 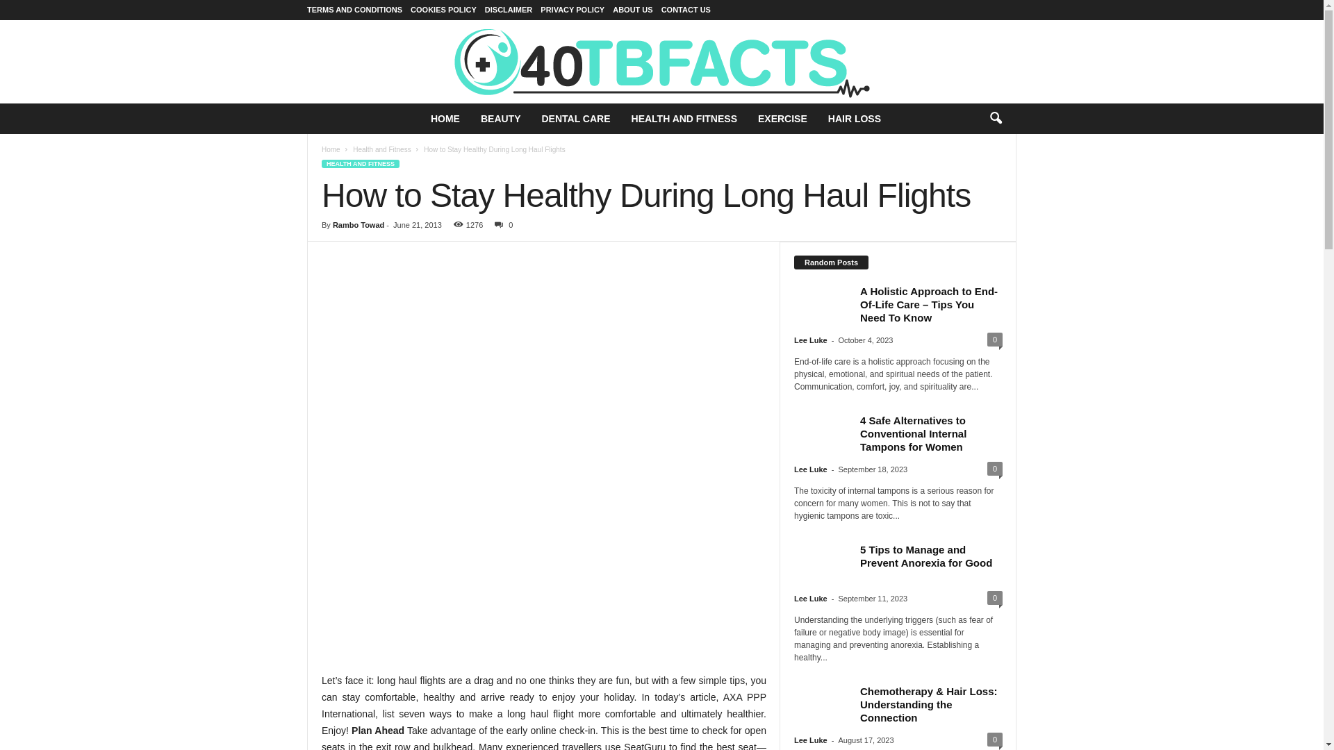 What do you see at coordinates (853, 117) in the screenshot?
I see `'HAIR LOSS'` at bounding box center [853, 117].